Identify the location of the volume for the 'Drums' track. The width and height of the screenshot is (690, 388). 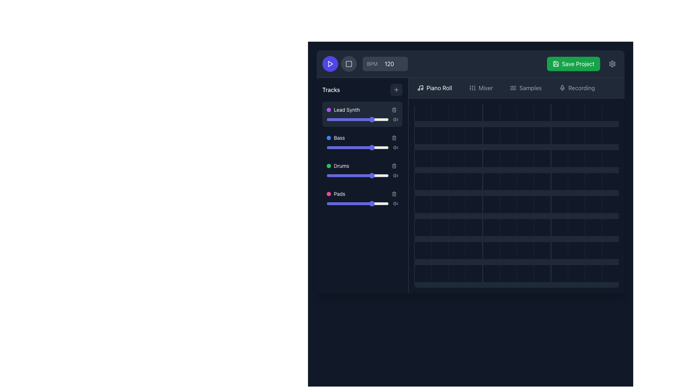
(368, 166).